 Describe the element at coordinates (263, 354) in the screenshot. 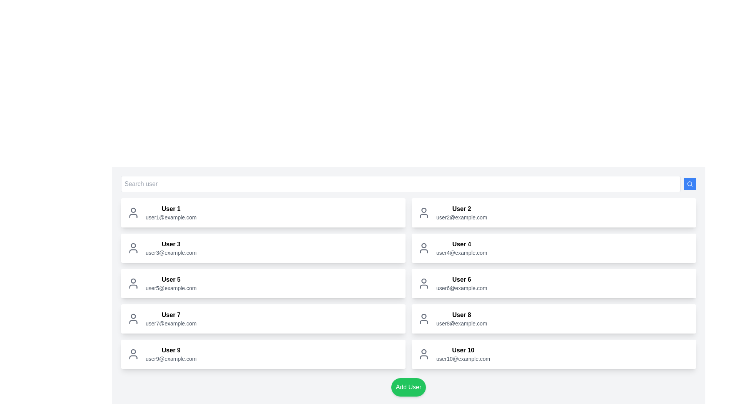

I see `the ninth user card in the left-most column of the two-column grid` at that location.